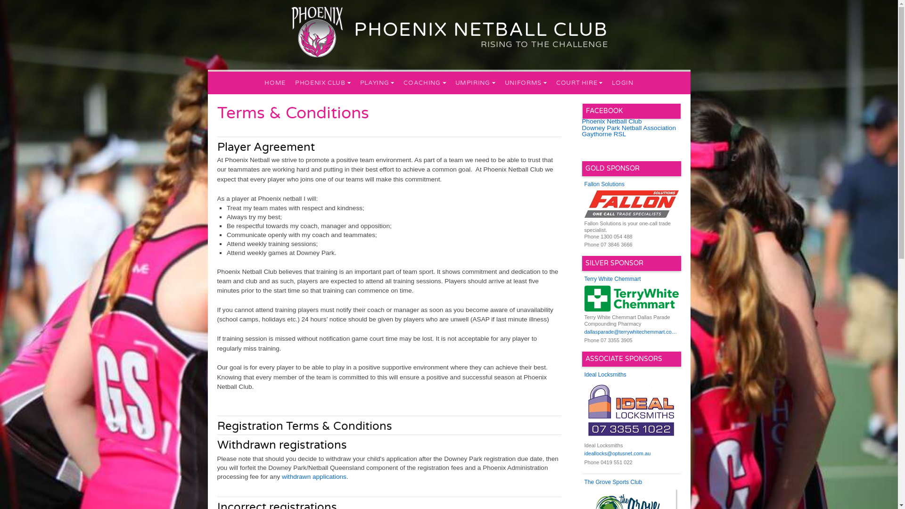  Describe the element at coordinates (499, 82) in the screenshot. I see `'UNIFORMS'` at that location.